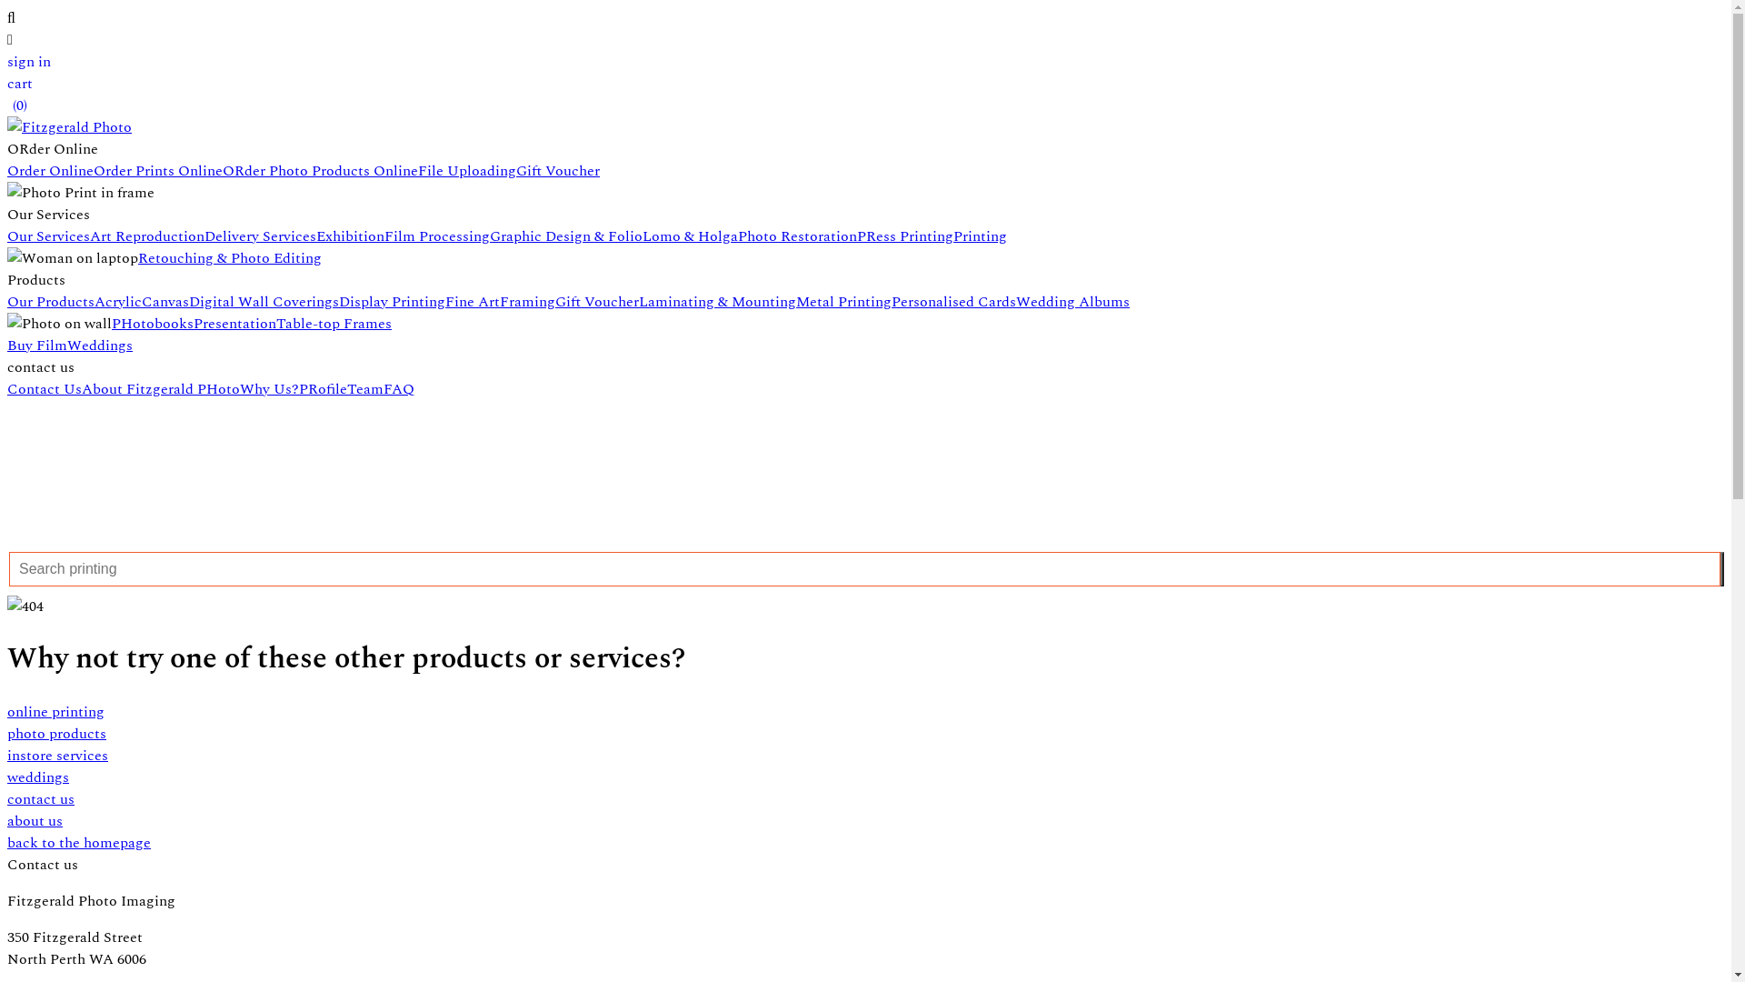  I want to click on 'Photo Restoration', so click(737, 235).